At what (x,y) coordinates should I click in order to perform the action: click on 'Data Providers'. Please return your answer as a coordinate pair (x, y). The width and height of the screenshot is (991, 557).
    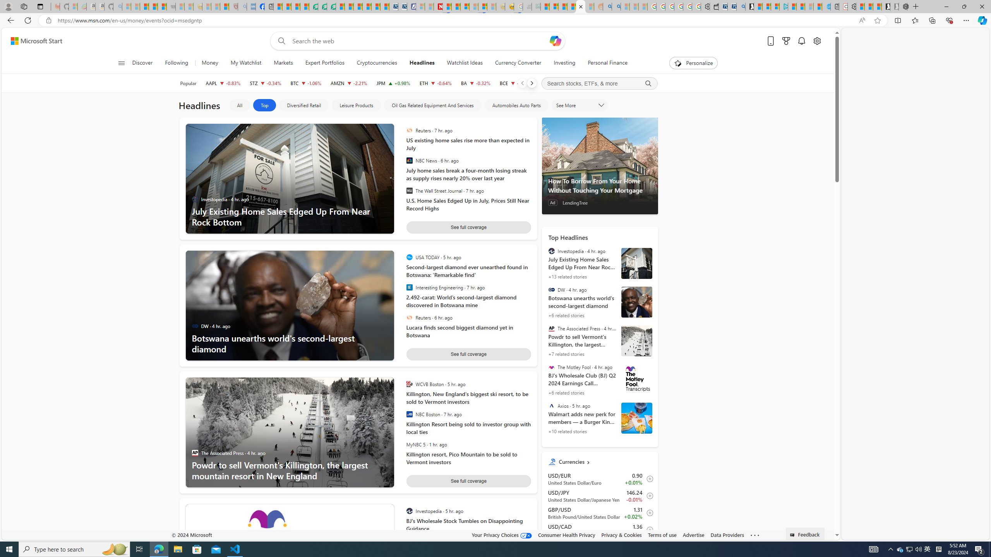
    Looking at the image, I should click on (727, 535).